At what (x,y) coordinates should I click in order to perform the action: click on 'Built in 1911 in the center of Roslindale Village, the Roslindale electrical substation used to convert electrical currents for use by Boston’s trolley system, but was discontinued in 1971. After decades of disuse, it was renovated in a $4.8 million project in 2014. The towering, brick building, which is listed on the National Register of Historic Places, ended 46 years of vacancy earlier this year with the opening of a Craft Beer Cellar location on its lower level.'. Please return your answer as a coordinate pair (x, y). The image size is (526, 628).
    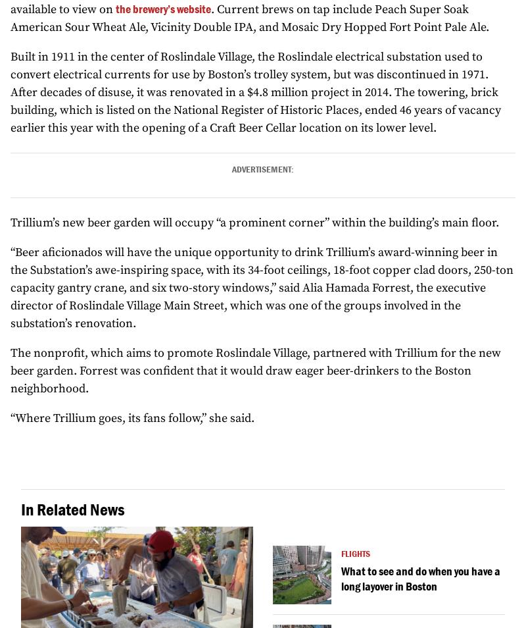
    Looking at the image, I should click on (255, 92).